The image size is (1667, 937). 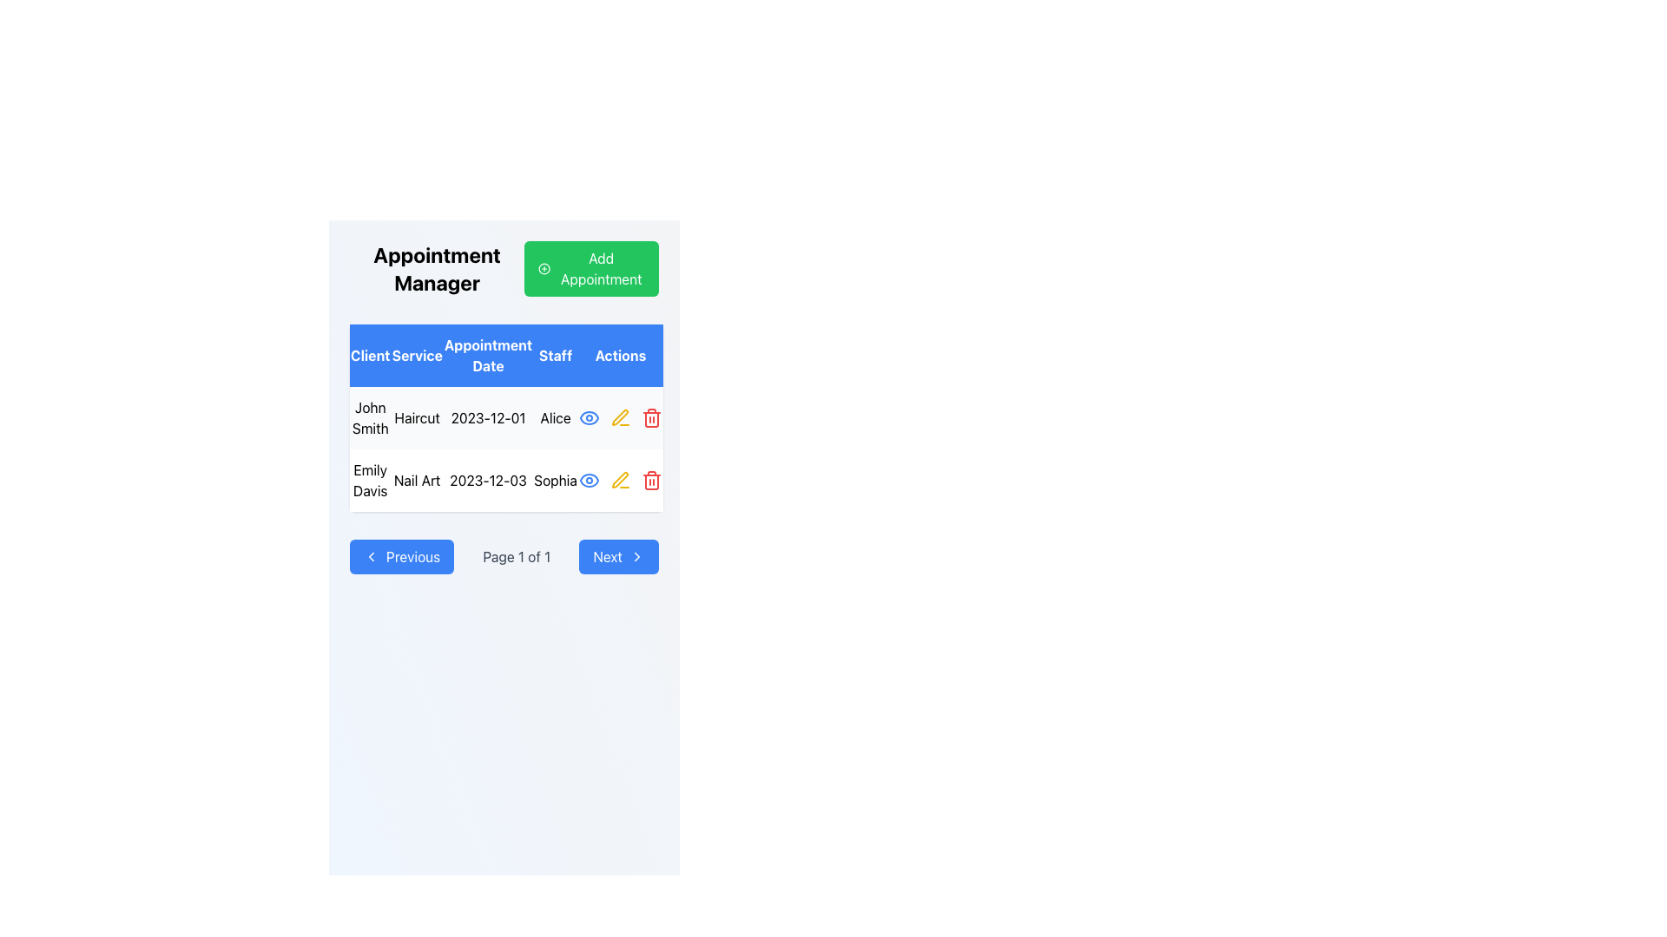 What do you see at coordinates (650, 419) in the screenshot?
I see `the red trash can icon in the Actions column of the second row corresponding to 'Emily Davis - Nail Art' booking details` at bounding box center [650, 419].